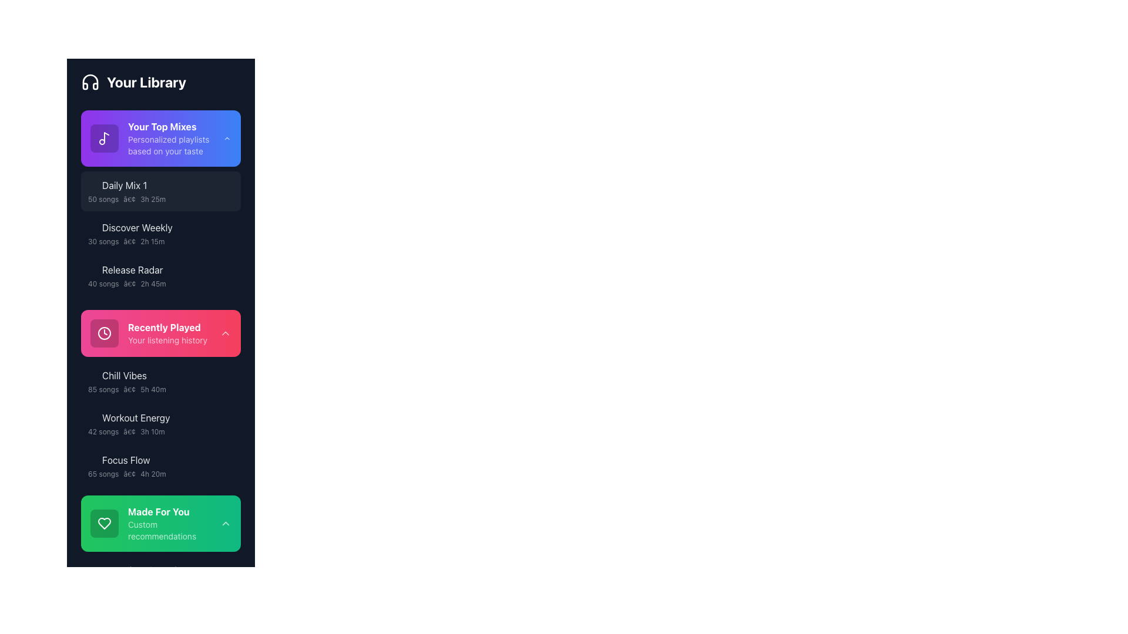 This screenshot has width=1128, height=634. I want to click on the playlist item titled 'Release Radar' located under 'Discover Weekly', so click(160, 276).